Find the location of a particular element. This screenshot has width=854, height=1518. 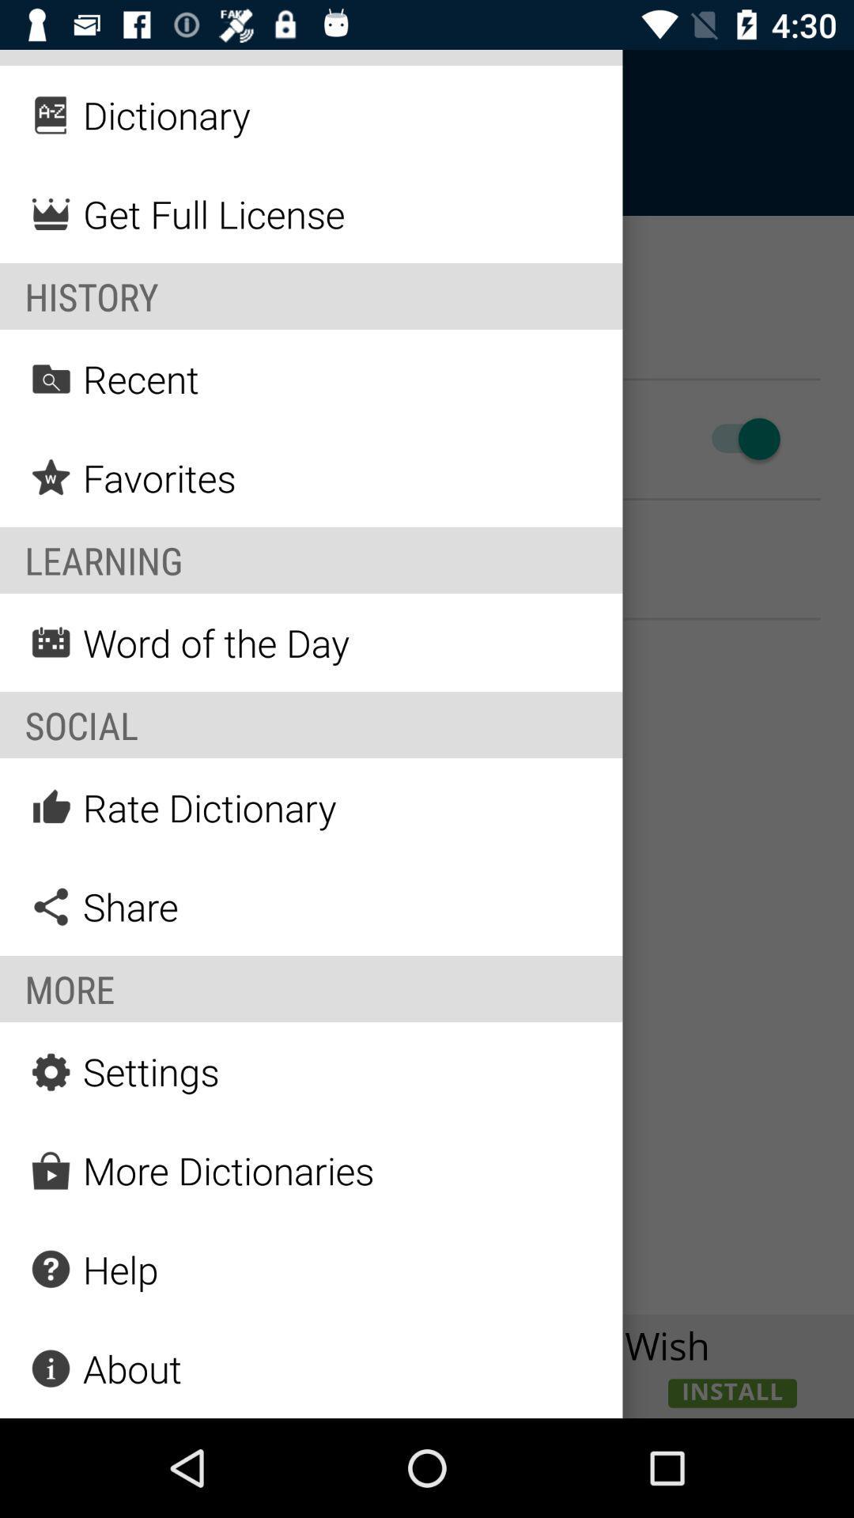

the logo below az is located at coordinates (51, 213).